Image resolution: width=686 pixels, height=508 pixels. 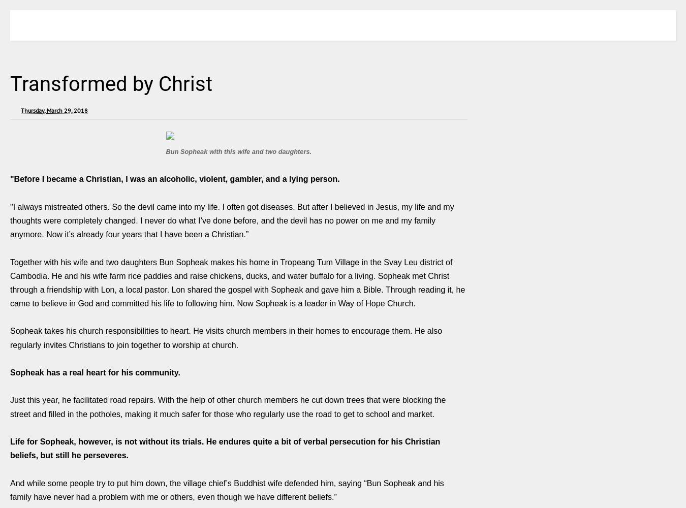 What do you see at coordinates (225, 448) in the screenshot?
I see `'Life for Sopheak, however, is not without its trials. He endures quite a bit of verbal persecution for his Christian beliefs, but still he perseveres.'` at bounding box center [225, 448].